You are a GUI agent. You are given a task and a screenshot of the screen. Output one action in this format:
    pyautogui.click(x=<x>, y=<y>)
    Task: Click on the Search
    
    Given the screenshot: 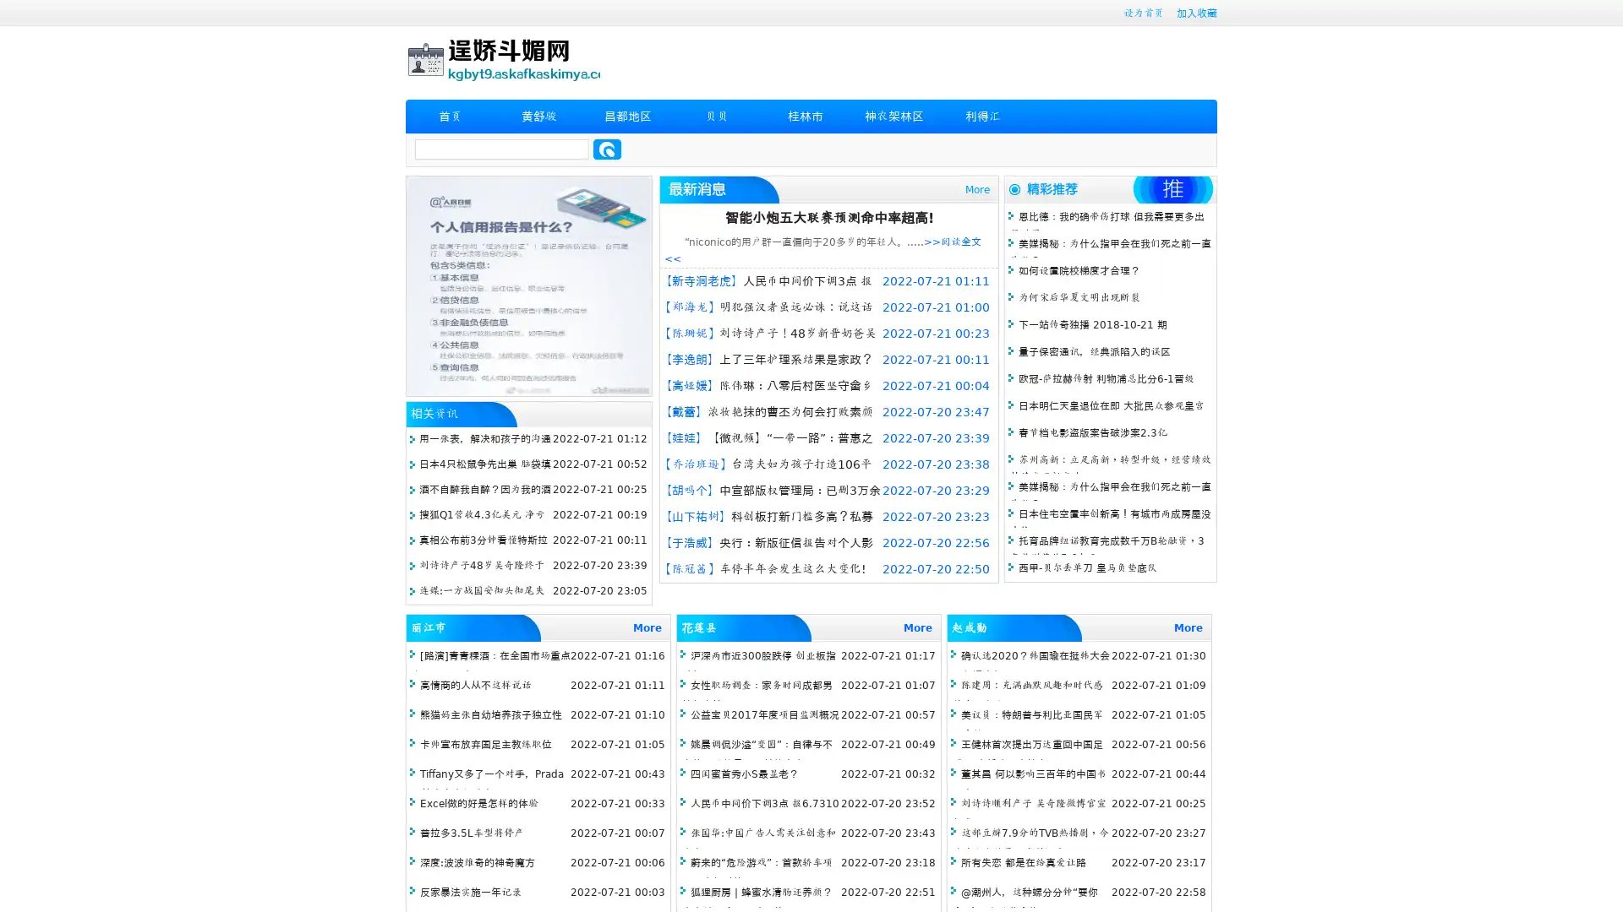 What is the action you would take?
    pyautogui.click(x=607, y=149)
    